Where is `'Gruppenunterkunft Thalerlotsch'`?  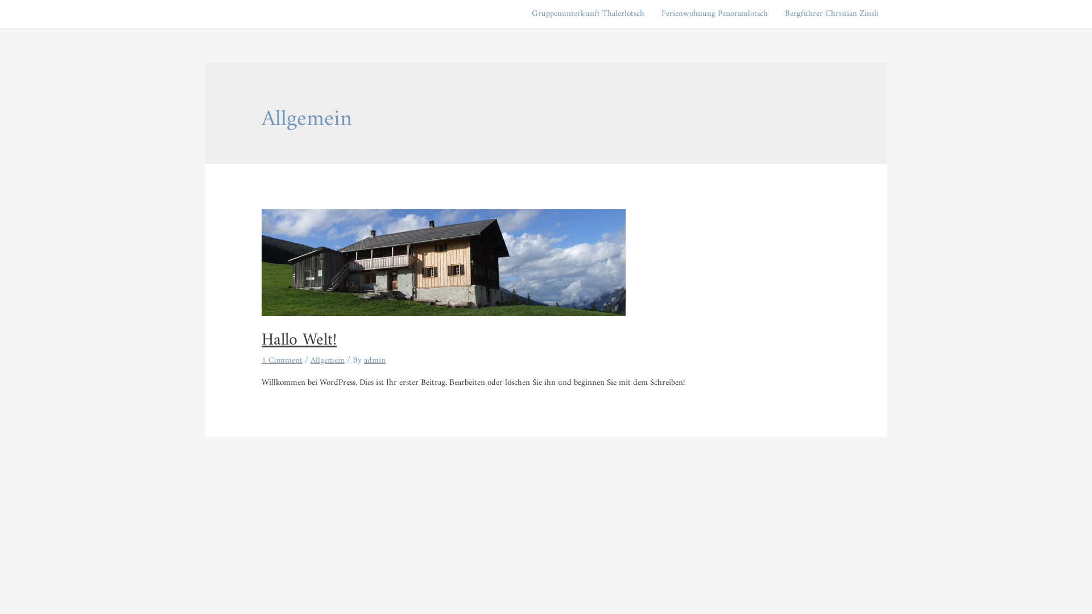
'Gruppenunterkunft Thalerlotsch' is located at coordinates (588, 14).